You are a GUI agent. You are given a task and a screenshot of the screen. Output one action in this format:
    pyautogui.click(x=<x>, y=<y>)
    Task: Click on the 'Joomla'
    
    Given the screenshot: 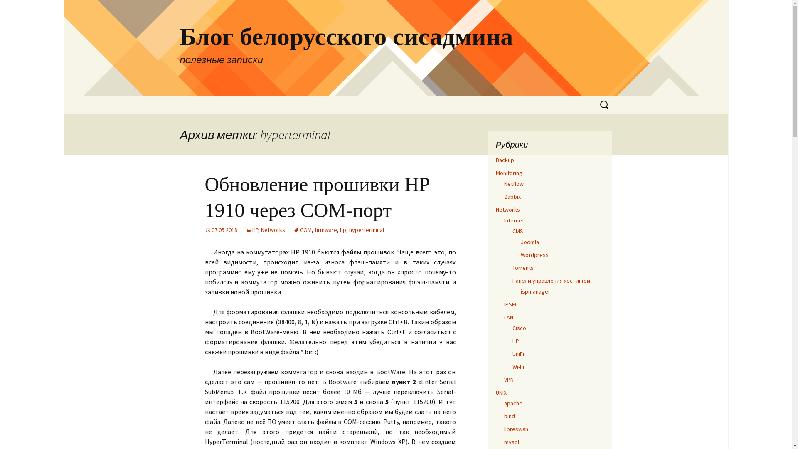 What is the action you would take?
    pyautogui.click(x=520, y=242)
    